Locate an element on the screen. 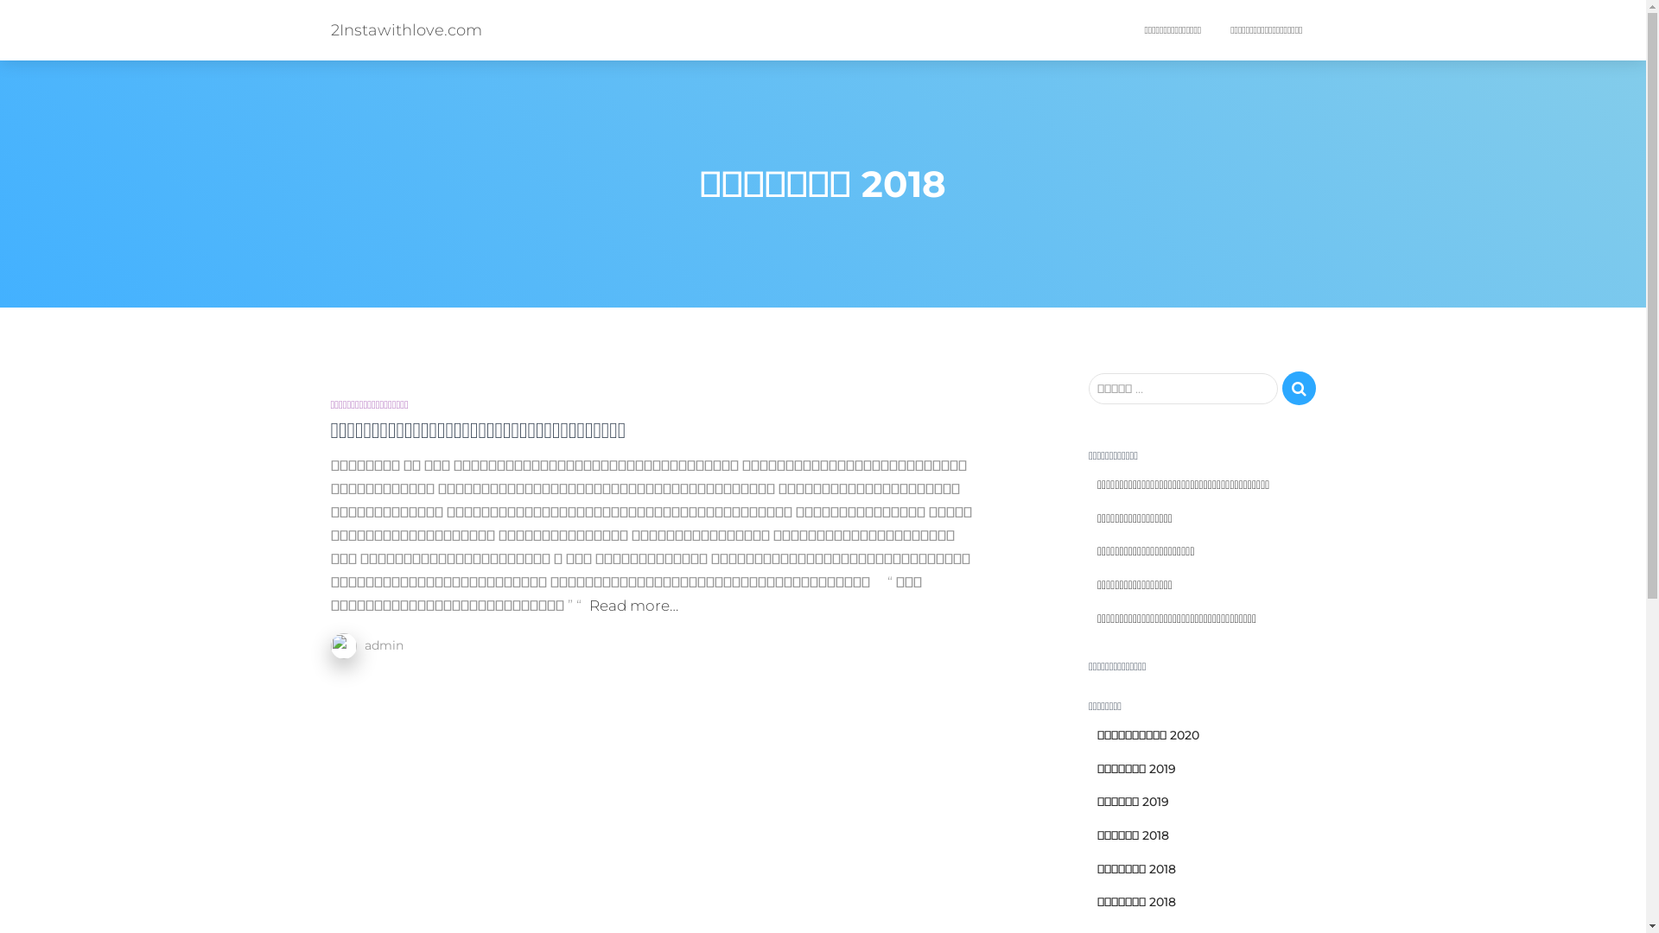  '2Instawithlove.com' is located at coordinates (404, 29).